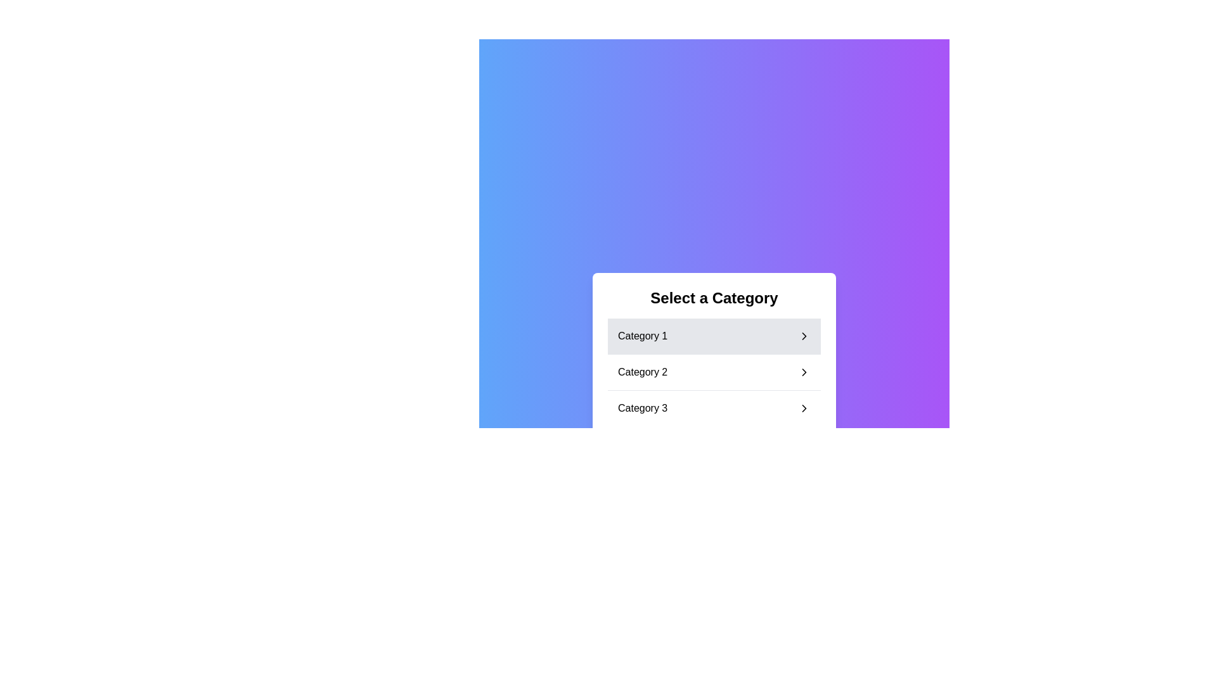  What do you see at coordinates (714, 408) in the screenshot?
I see `the list item displaying 'Category 3'` at bounding box center [714, 408].